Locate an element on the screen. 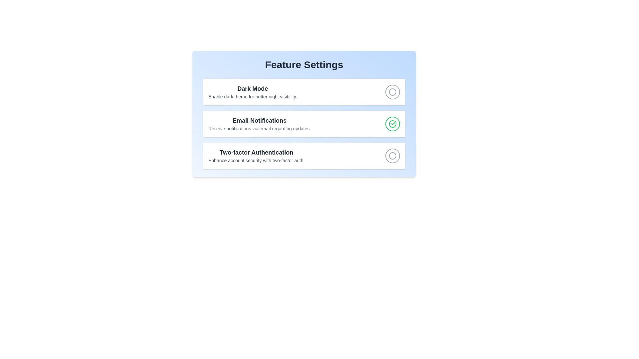  the text label displaying 'Enhance account security with two-factor auth.' located below the 'Two-factor Authentication' title within the settings pane is located at coordinates (256, 160).